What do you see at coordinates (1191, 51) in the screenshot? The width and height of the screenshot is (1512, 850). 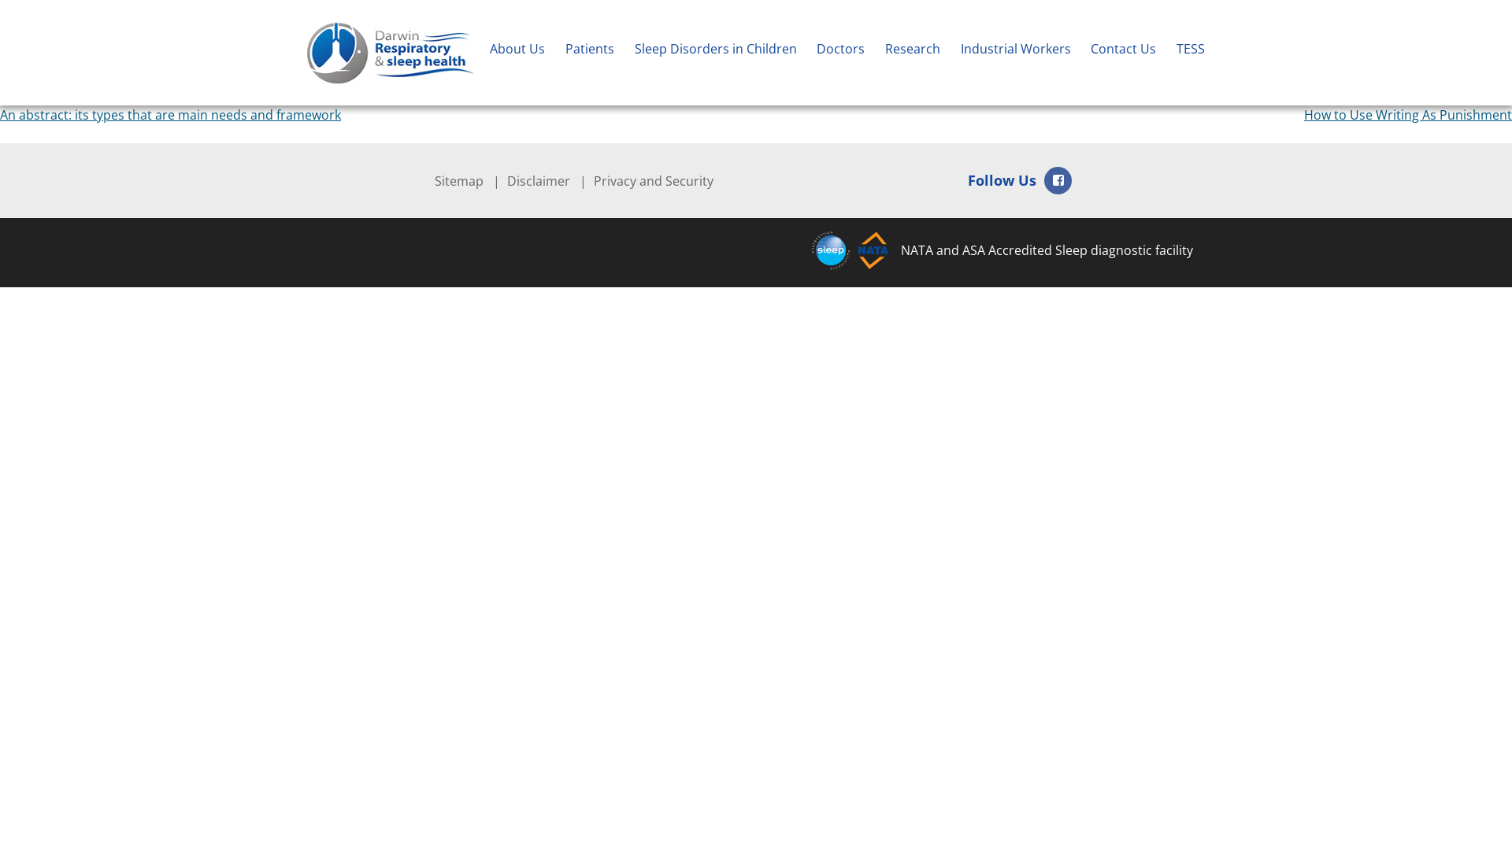 I see `'TESS'` at bounding box center [1191, 51].